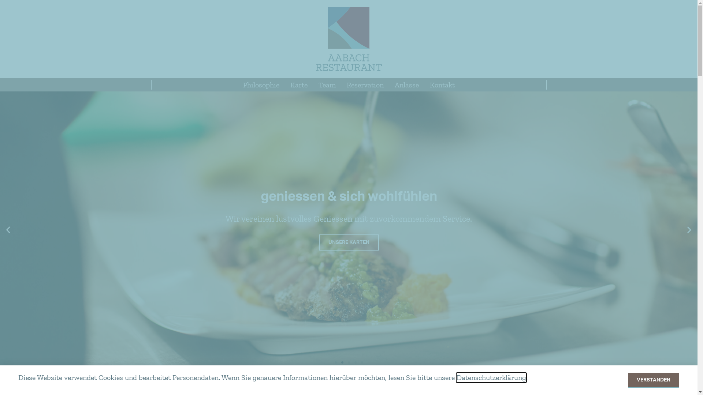 The height and width of the screenshot is (395, 703). Describe the element at coordinates (441, 84) in the screenshot. I see `'Kontakt'` at that location.